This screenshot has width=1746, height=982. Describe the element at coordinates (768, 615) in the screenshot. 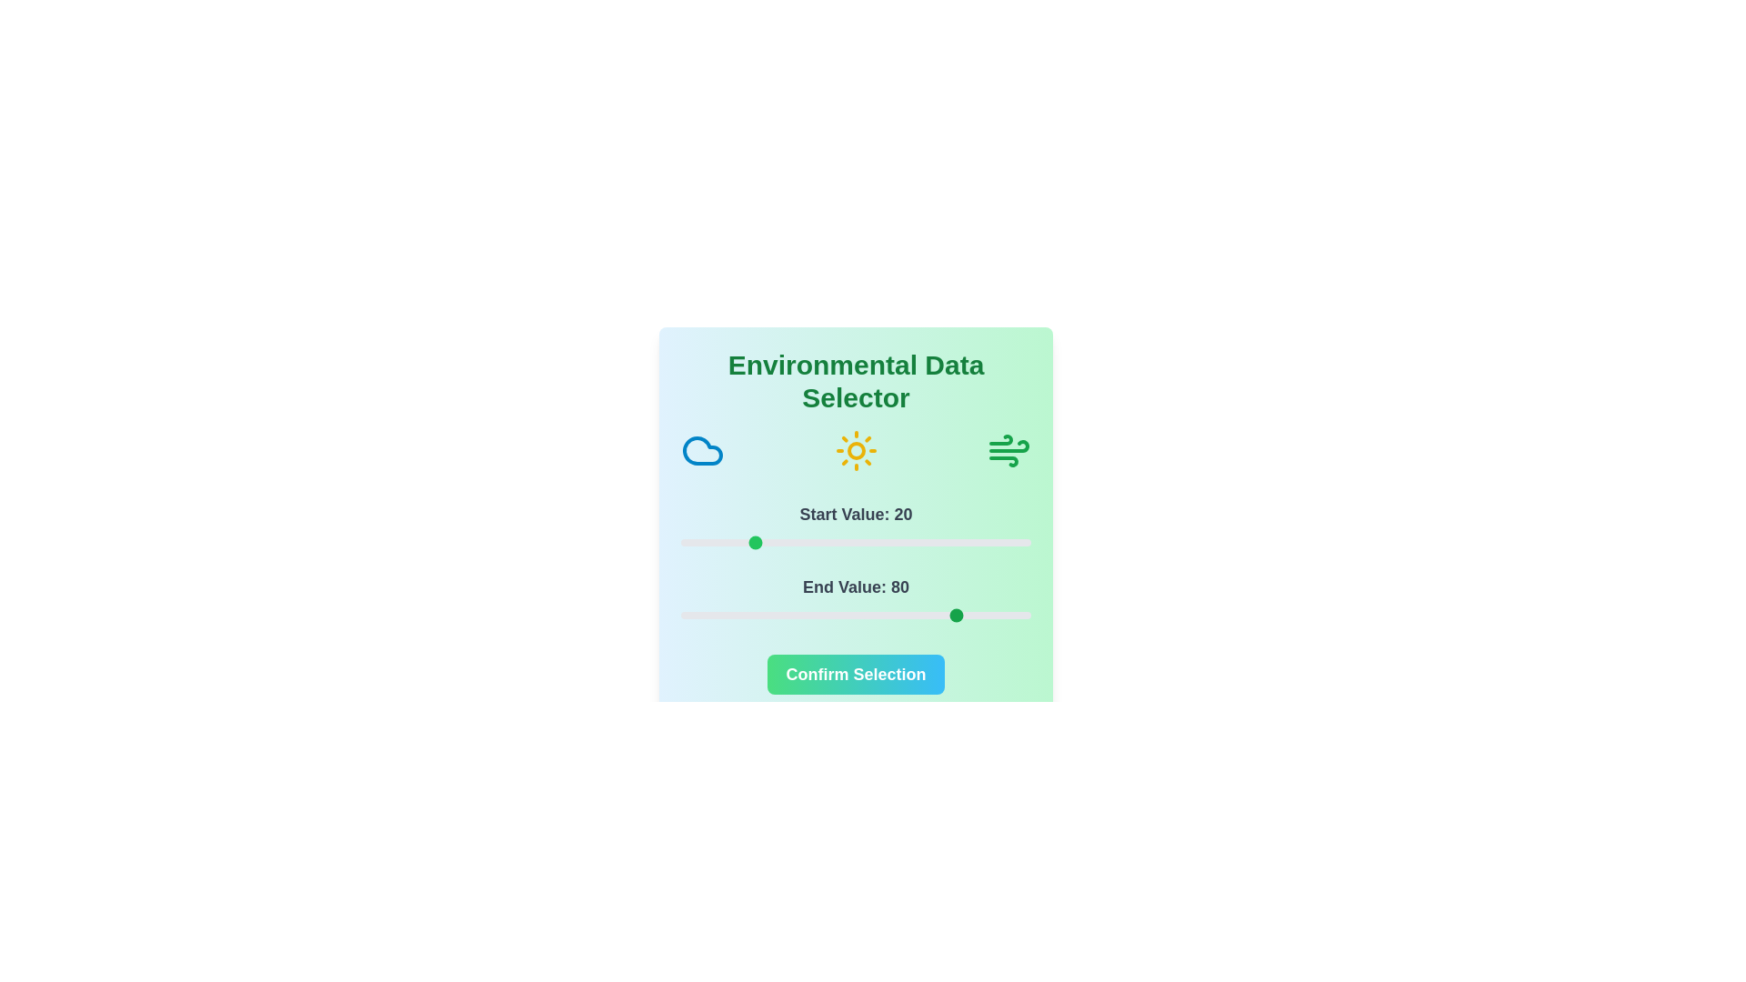

I see `the End Value slider` at that location.